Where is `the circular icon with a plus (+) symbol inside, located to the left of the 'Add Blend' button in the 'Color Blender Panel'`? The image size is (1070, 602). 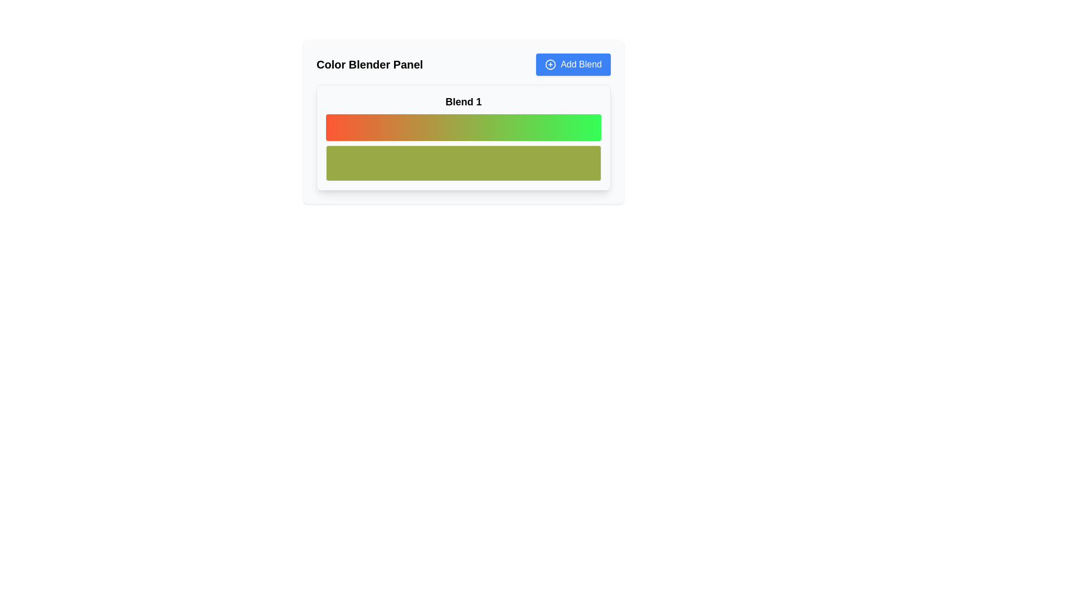
the circular icon with a plus (+) symbol inside, located to the left of the 'Add Blend' button in the 'Color Blender Panel' is located at coordinates (551, 64).